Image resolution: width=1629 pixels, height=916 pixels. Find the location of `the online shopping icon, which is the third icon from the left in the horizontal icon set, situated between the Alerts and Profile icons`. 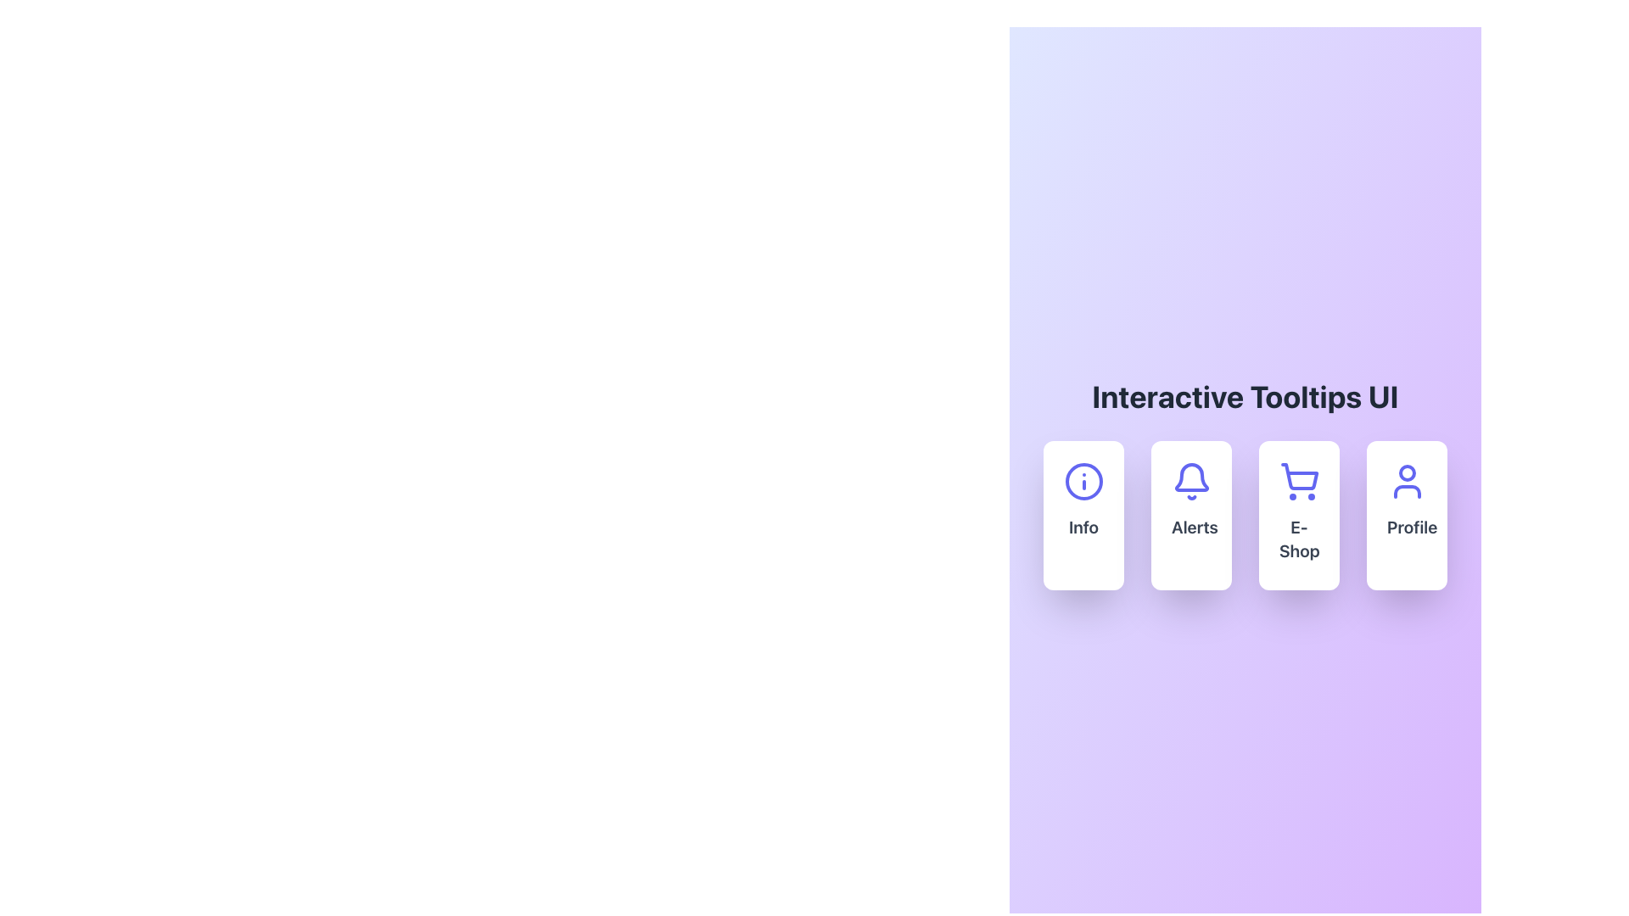

the online shopping icon, which is the third icon from the left in the horizontal icon set, situated between the Alerts and Profile icons is located at coordinates (1299, 477).